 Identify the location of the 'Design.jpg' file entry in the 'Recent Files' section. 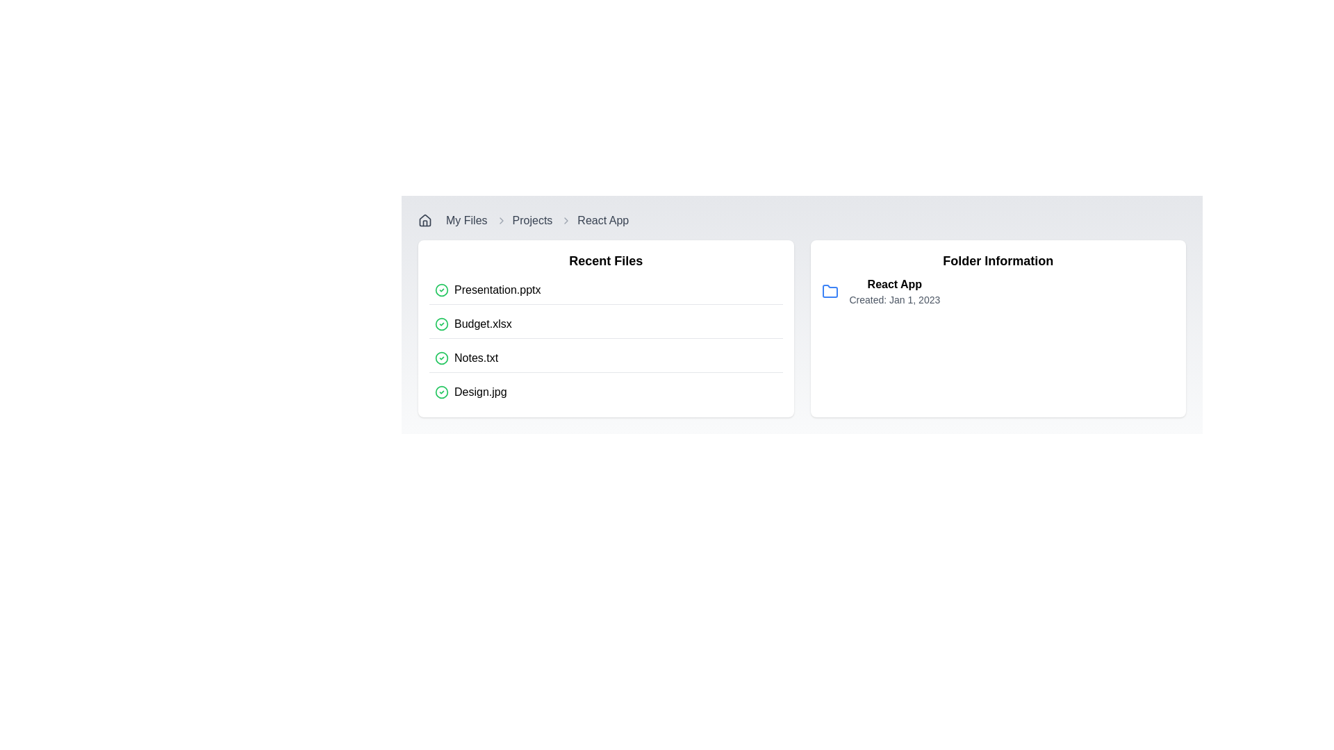
(606, 392).